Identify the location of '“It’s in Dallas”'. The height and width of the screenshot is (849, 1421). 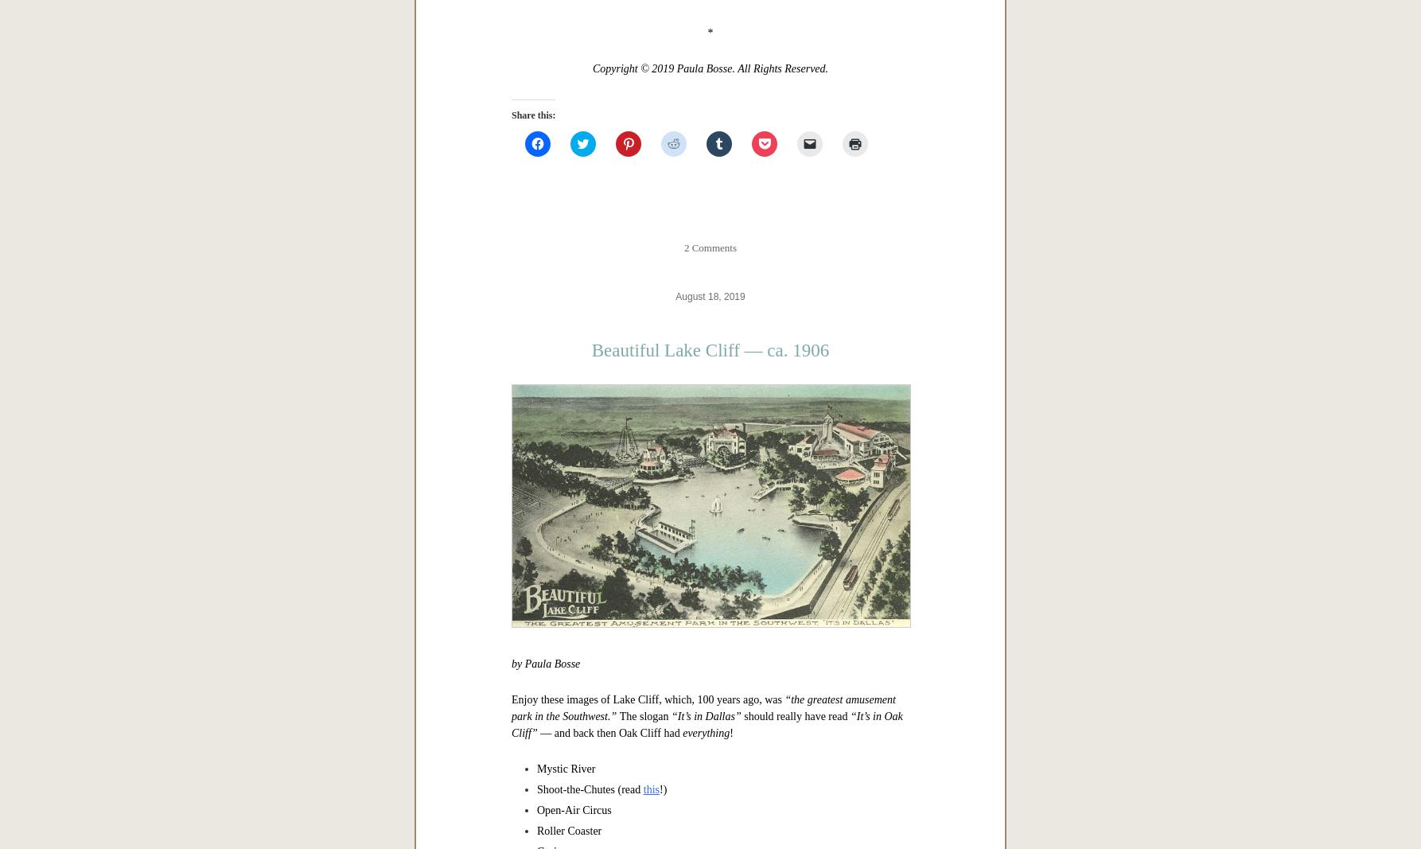
(671, 715).